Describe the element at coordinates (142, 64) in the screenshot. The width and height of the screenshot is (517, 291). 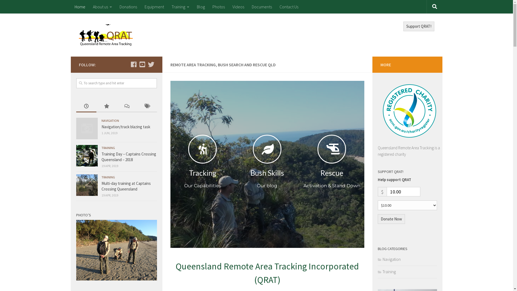
I see `'Follow us on Youtube'` at that location.